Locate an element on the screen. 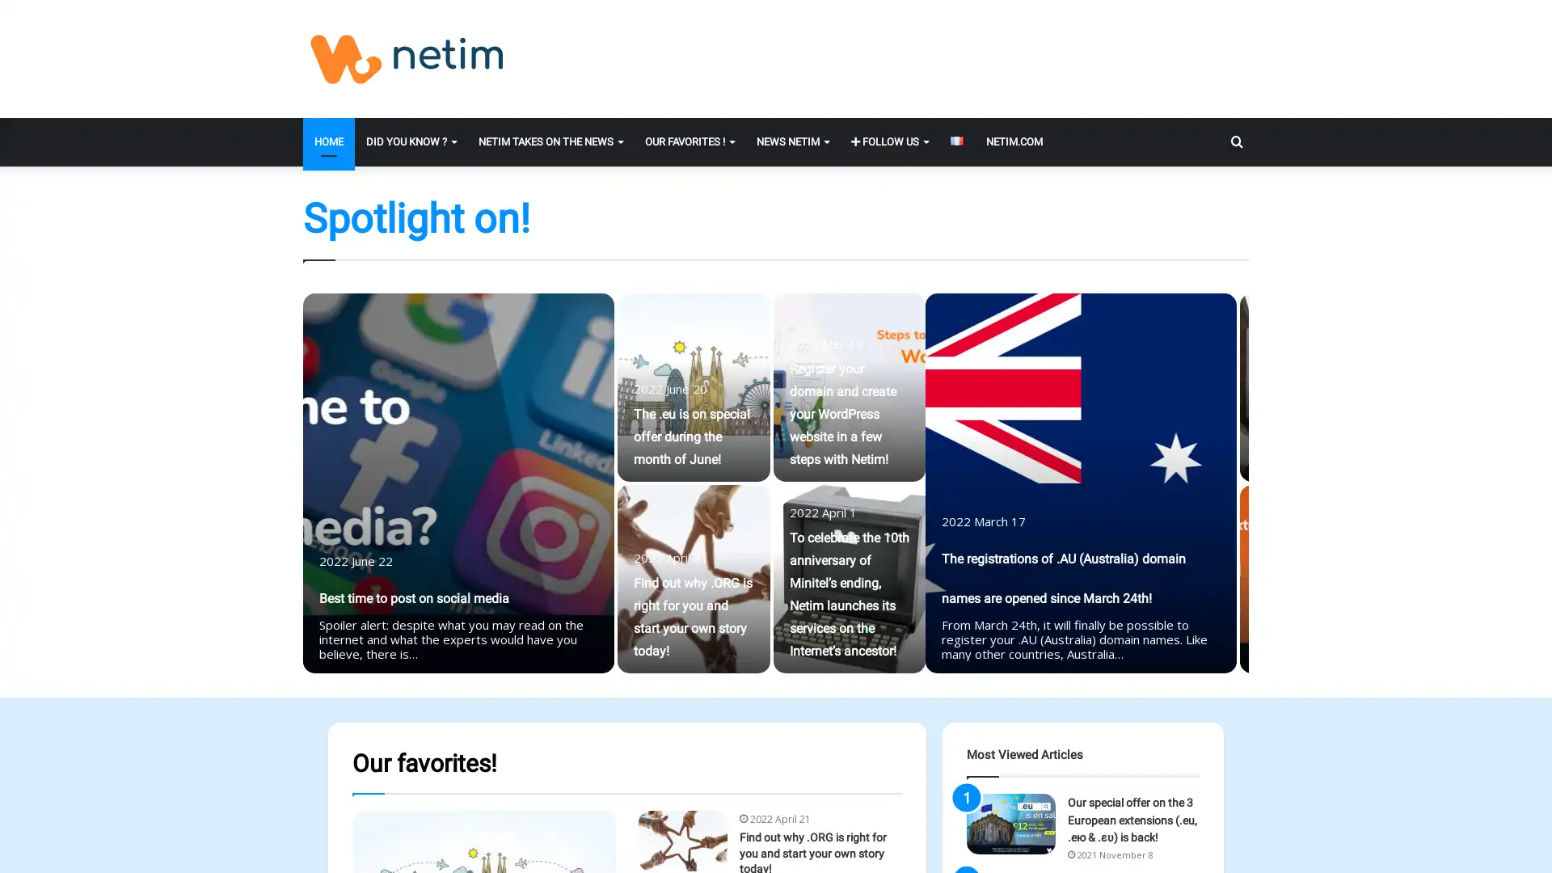 Image resolution: width=1552 pixels, height=873 pixels. Accept is located at coordinates (981, 847).